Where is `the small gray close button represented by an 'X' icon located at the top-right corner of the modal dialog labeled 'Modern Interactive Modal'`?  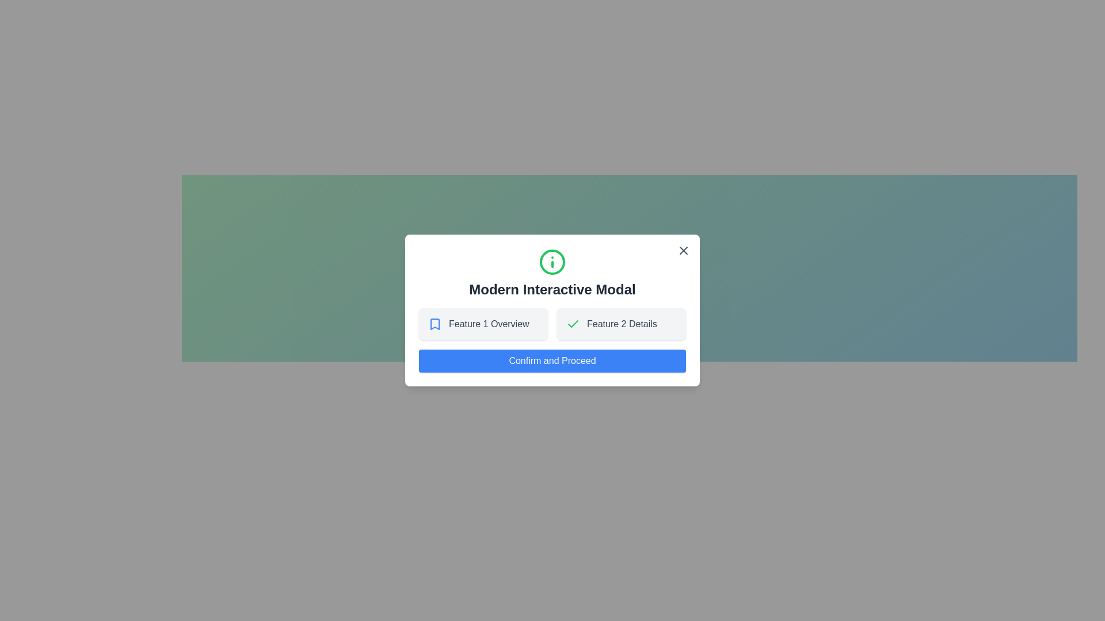
the small gray close button represented by an 'X' icon located at the top-right corner of the modal dialog labeled 'Modern Interactive Modal' is located at coordinates (684, 250).